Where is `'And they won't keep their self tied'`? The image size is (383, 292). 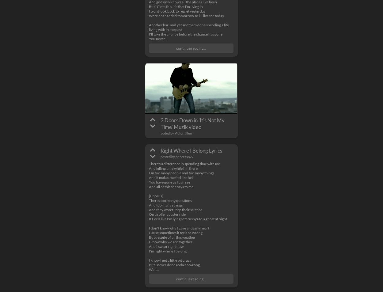 'And they won't keep their self tied' is located at coordinates (175, 210).